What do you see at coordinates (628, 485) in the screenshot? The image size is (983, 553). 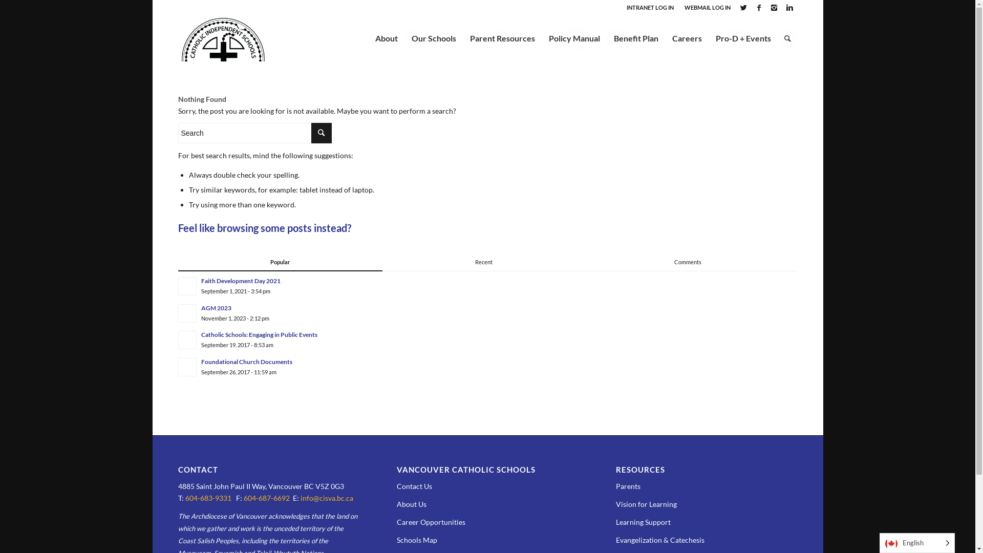 I see `'Parents'` at bounding box center [628, 485].